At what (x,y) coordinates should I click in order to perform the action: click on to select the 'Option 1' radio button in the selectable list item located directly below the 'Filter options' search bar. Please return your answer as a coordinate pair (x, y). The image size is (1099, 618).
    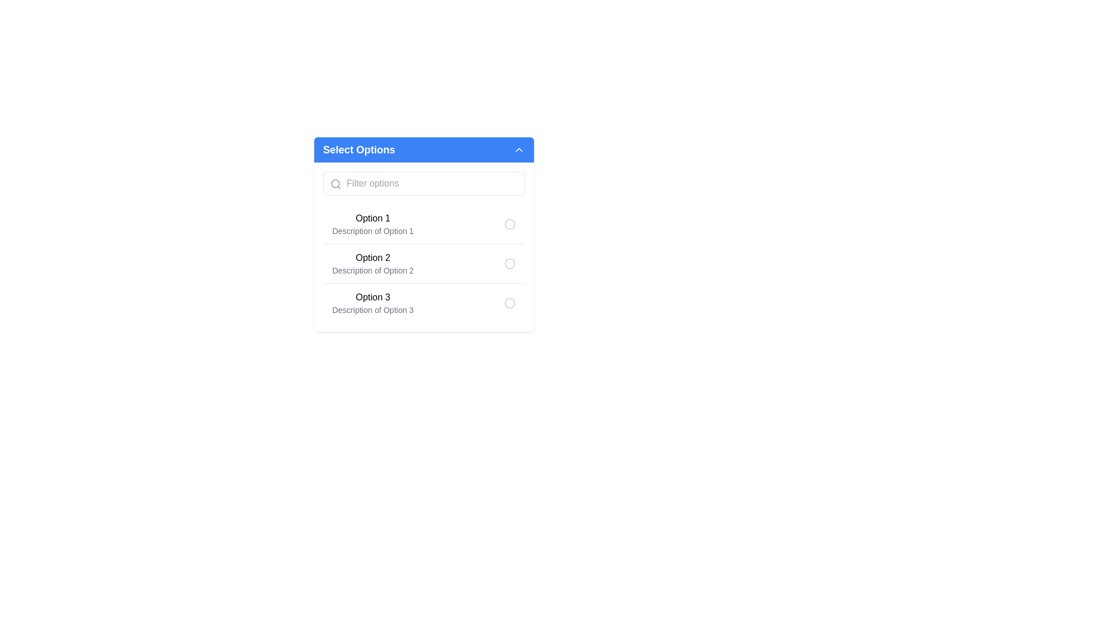
    Looking at the image, I should click on (423, 224).